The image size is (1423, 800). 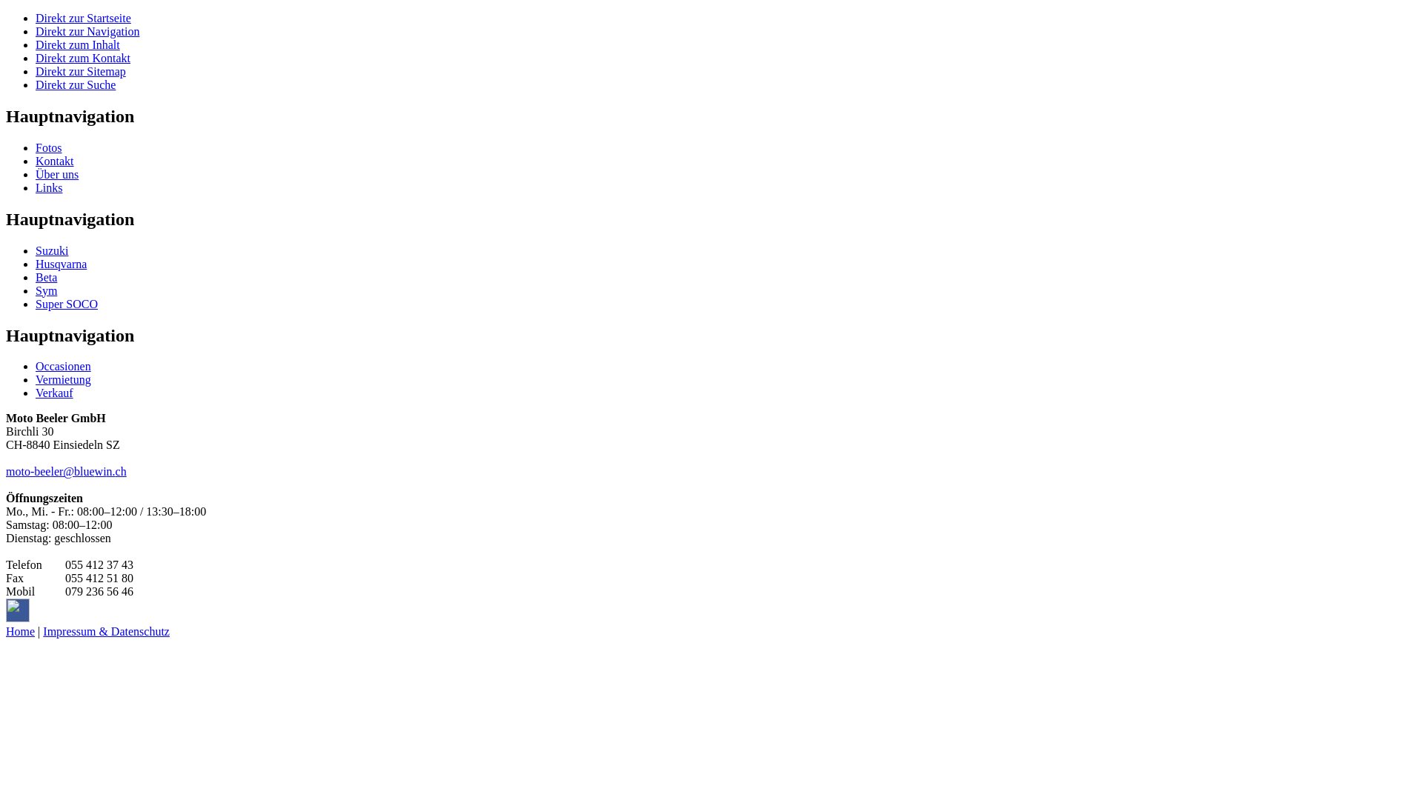 I want to click on 'Vermietung', so click(x=62, y=379).